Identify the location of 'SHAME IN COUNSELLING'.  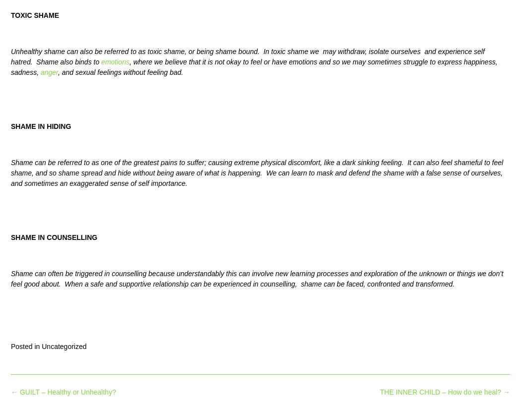
(54, 236).